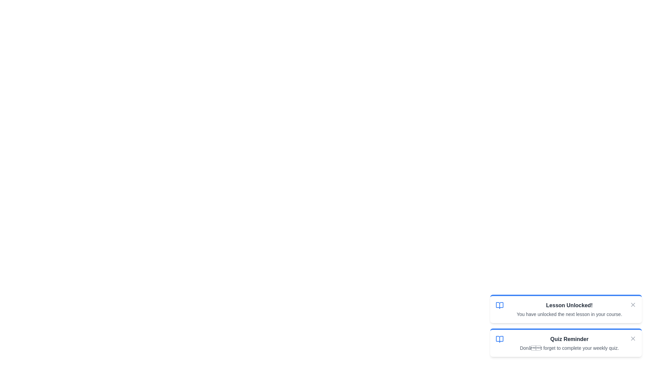 The image size is (650, 365). Describe the element at coordinates (633, 305) in the screenshot. I see `close button of the notification with title Lesson Unlocked!` at that location.